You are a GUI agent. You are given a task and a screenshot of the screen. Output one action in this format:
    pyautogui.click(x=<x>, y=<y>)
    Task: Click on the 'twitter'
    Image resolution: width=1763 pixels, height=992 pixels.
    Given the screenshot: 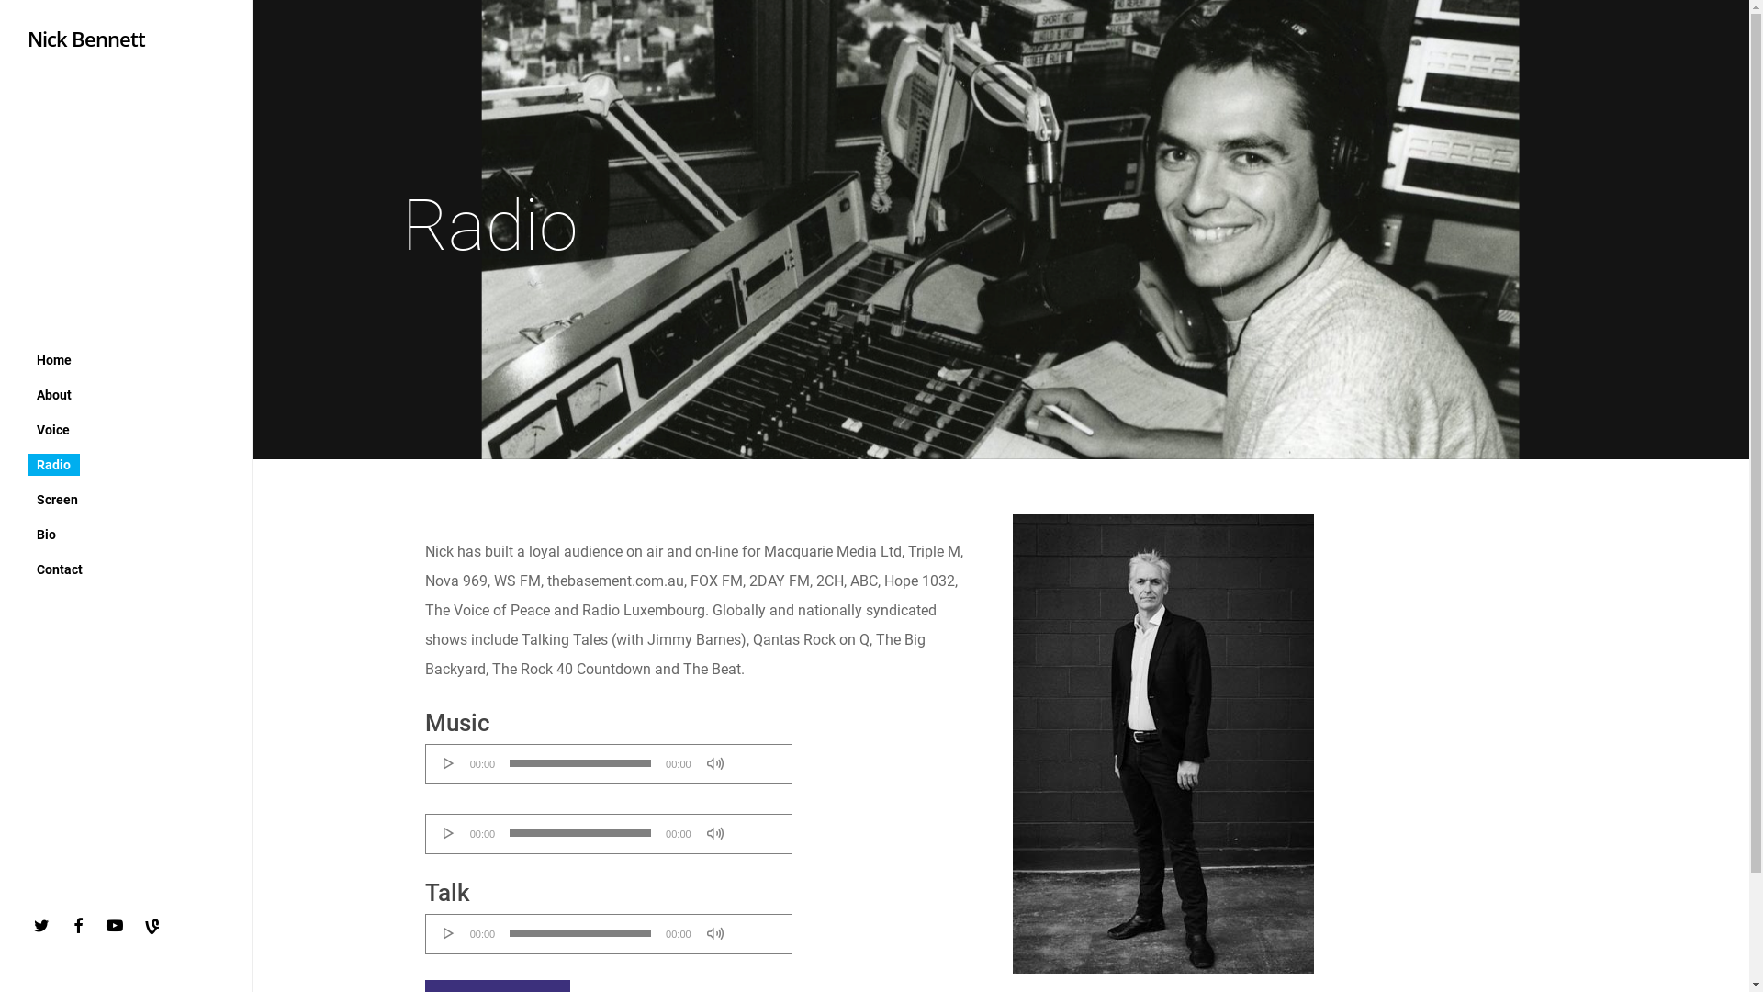 What is the action you would take?
    pyautogui.click(x=45, y=925)
    